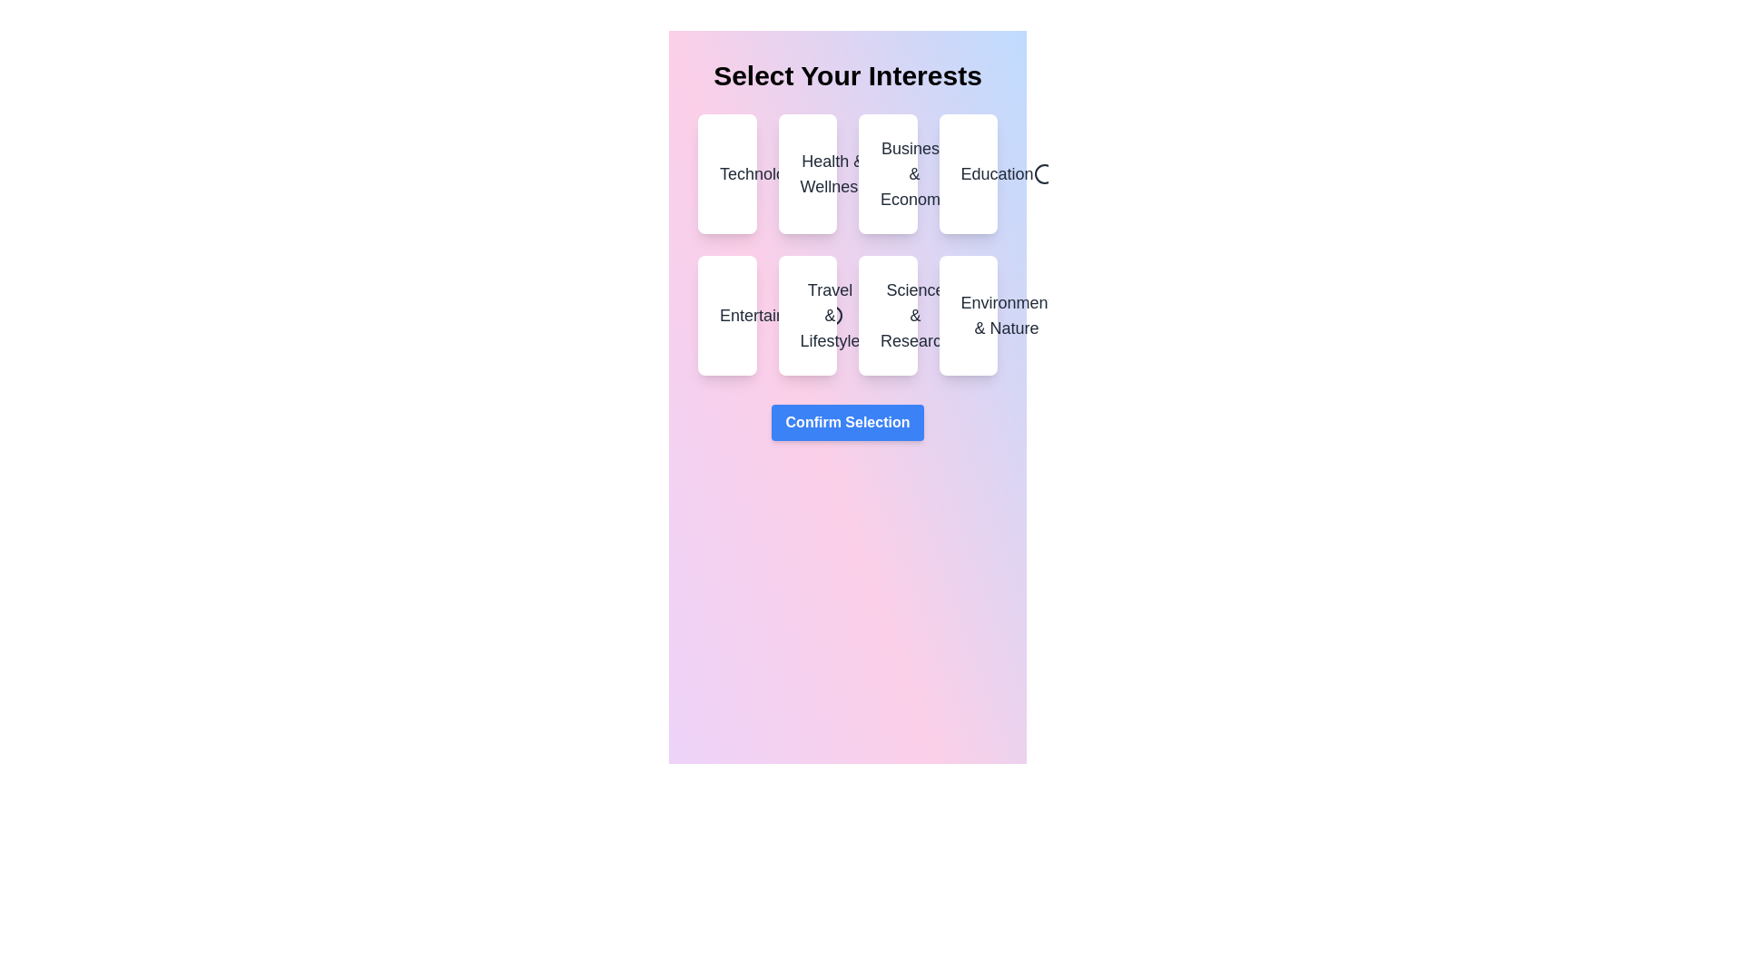 The width and height of the screenshot is (1743, 980). I want to click on the category Technology by clicking on it, so click(727, 174).